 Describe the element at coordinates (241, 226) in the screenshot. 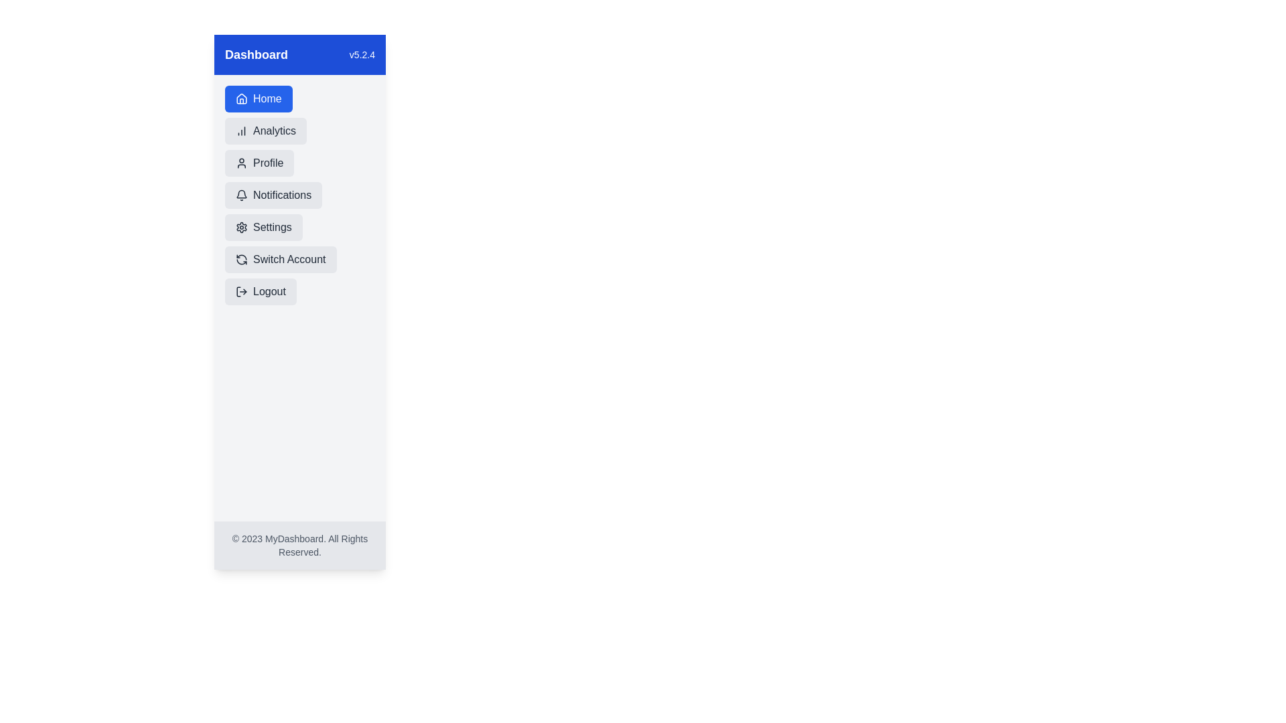

I see `the settings icon located in the sidebar menu` at that location.